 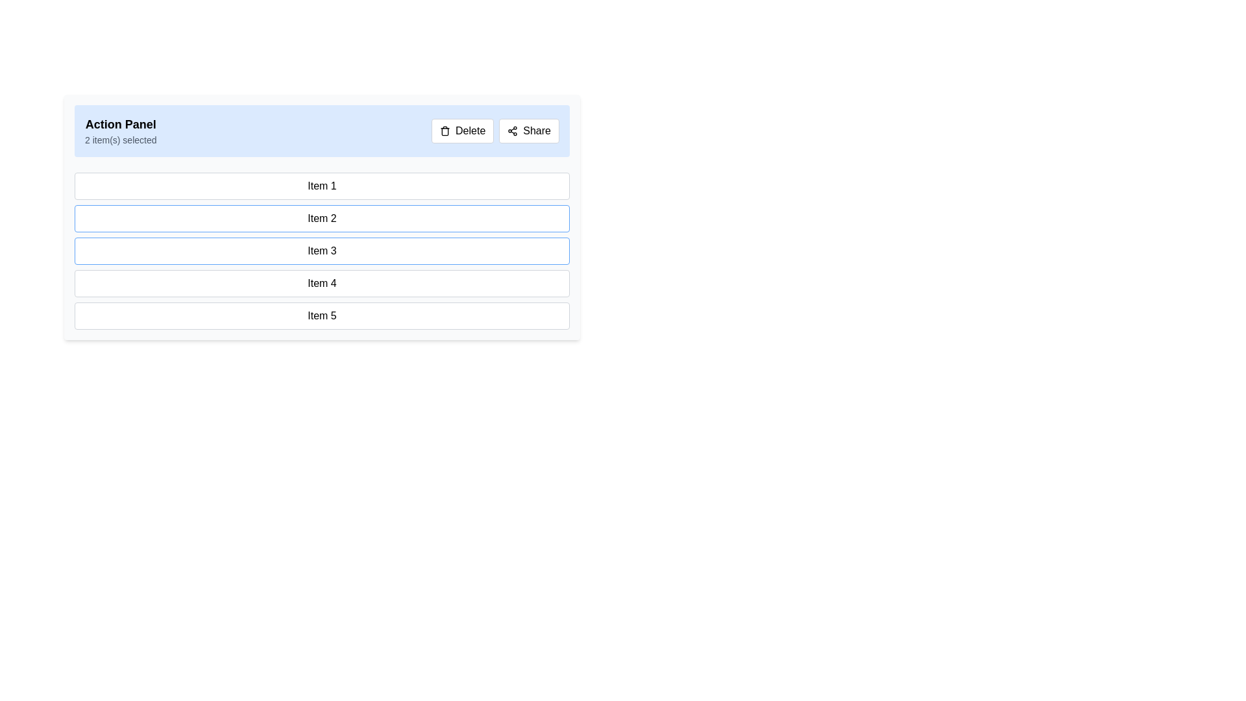 What do you see at coordinates (463, 130) in the screenshot?
I see `the delete button located` at bounding box center [463, 130].